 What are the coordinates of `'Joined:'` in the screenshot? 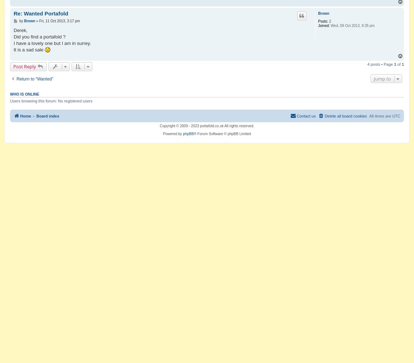 It's located at (323, 25).